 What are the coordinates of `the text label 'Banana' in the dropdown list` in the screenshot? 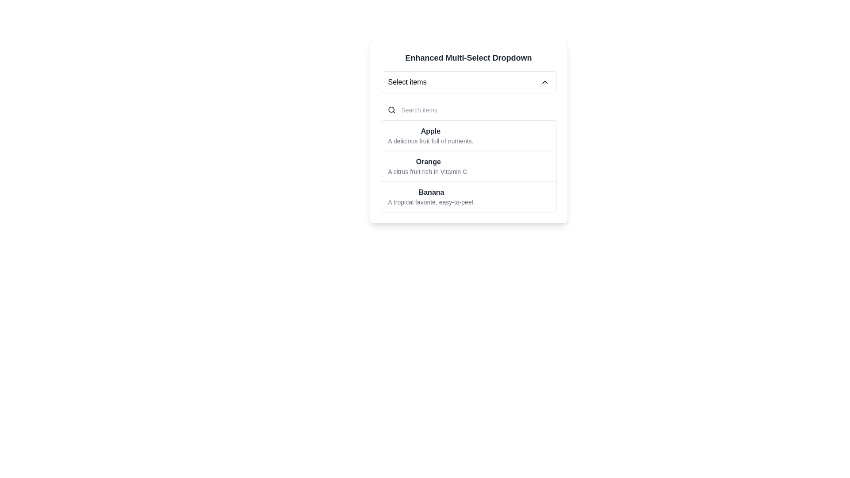 It's located at (431, 192).